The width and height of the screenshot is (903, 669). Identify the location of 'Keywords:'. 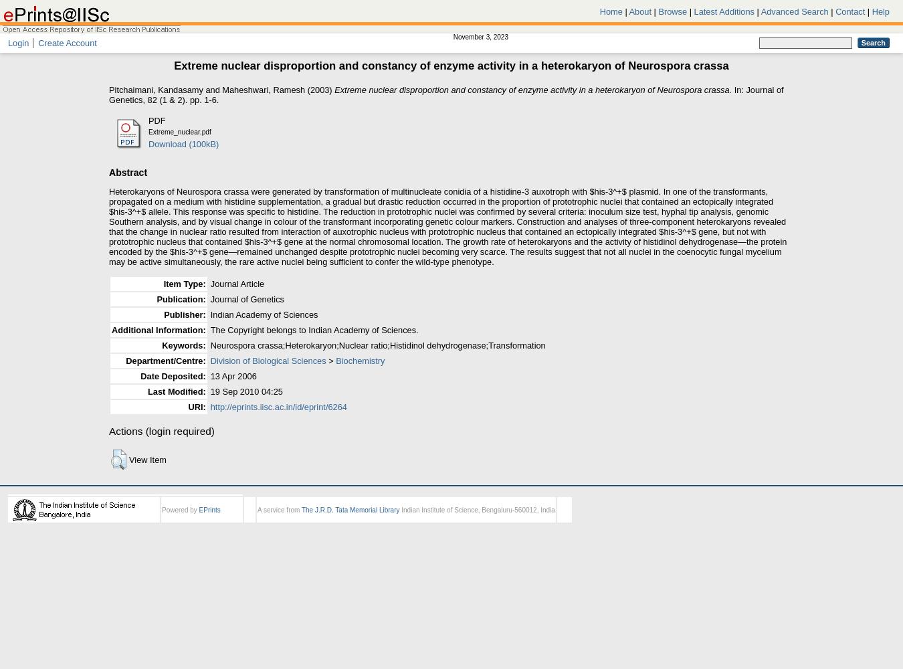
(183, 345).